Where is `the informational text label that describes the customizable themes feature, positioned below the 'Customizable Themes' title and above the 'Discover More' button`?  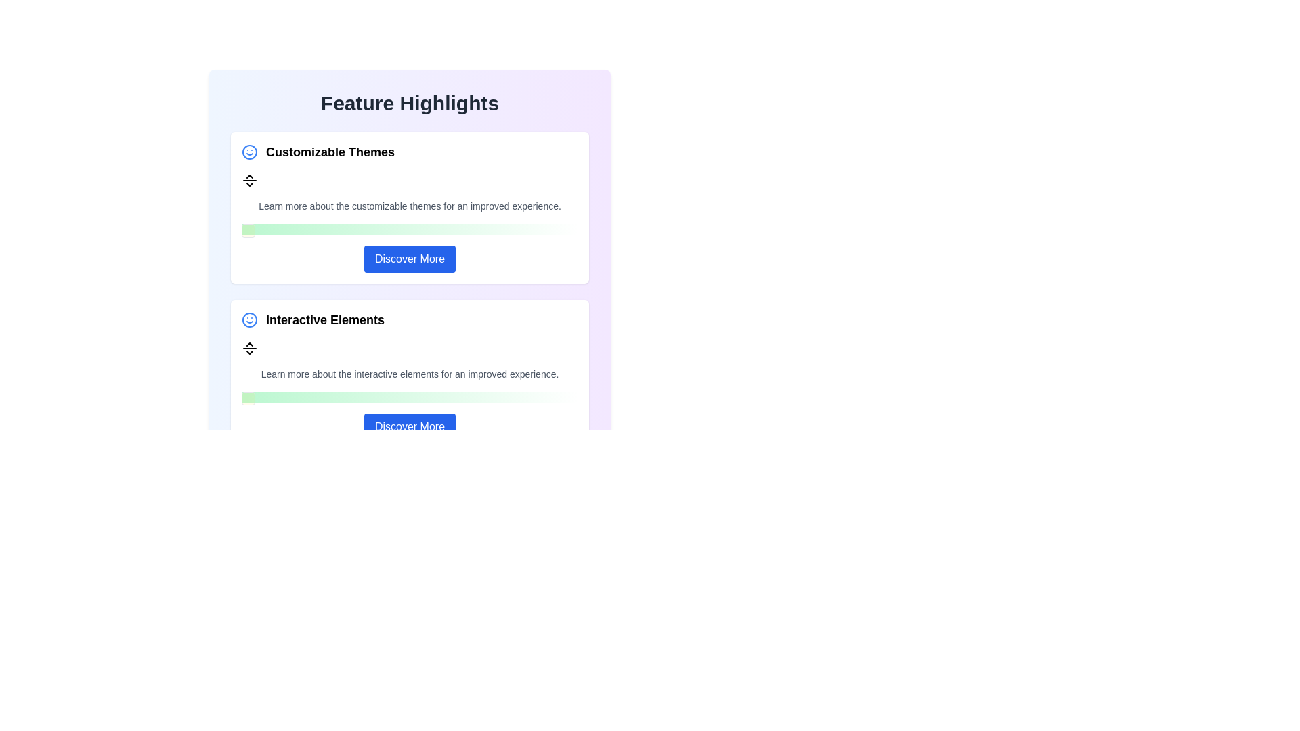
the informational text label that describes the customizable themes feature, positioned below the 'Customizable Themes' title and above the 'Discover More' button is located at coordinates (409, 206).